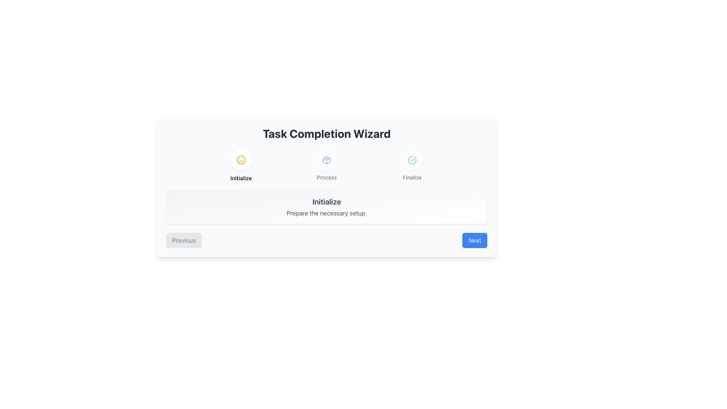 The image size is (727, 409). What do you see at coordinates (184, 240) in the screenshot?
I see `the disabled 'Previous' button located on the left side of the navigation buttons, which does not respond to user interaction` at bounding box center [184, 240].